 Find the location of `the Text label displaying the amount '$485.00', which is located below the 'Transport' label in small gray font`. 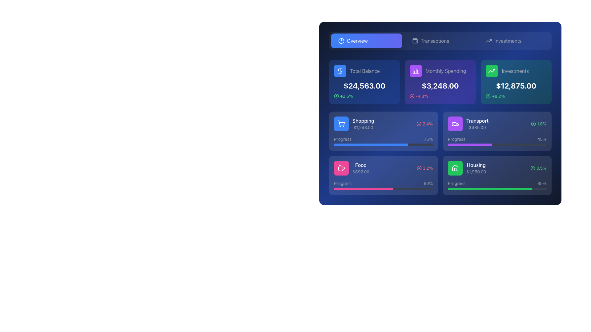

the Text label displaying the amount '$485.00', which is located below the 'Transport' label in small gray font is located at coordinates (477, 127).